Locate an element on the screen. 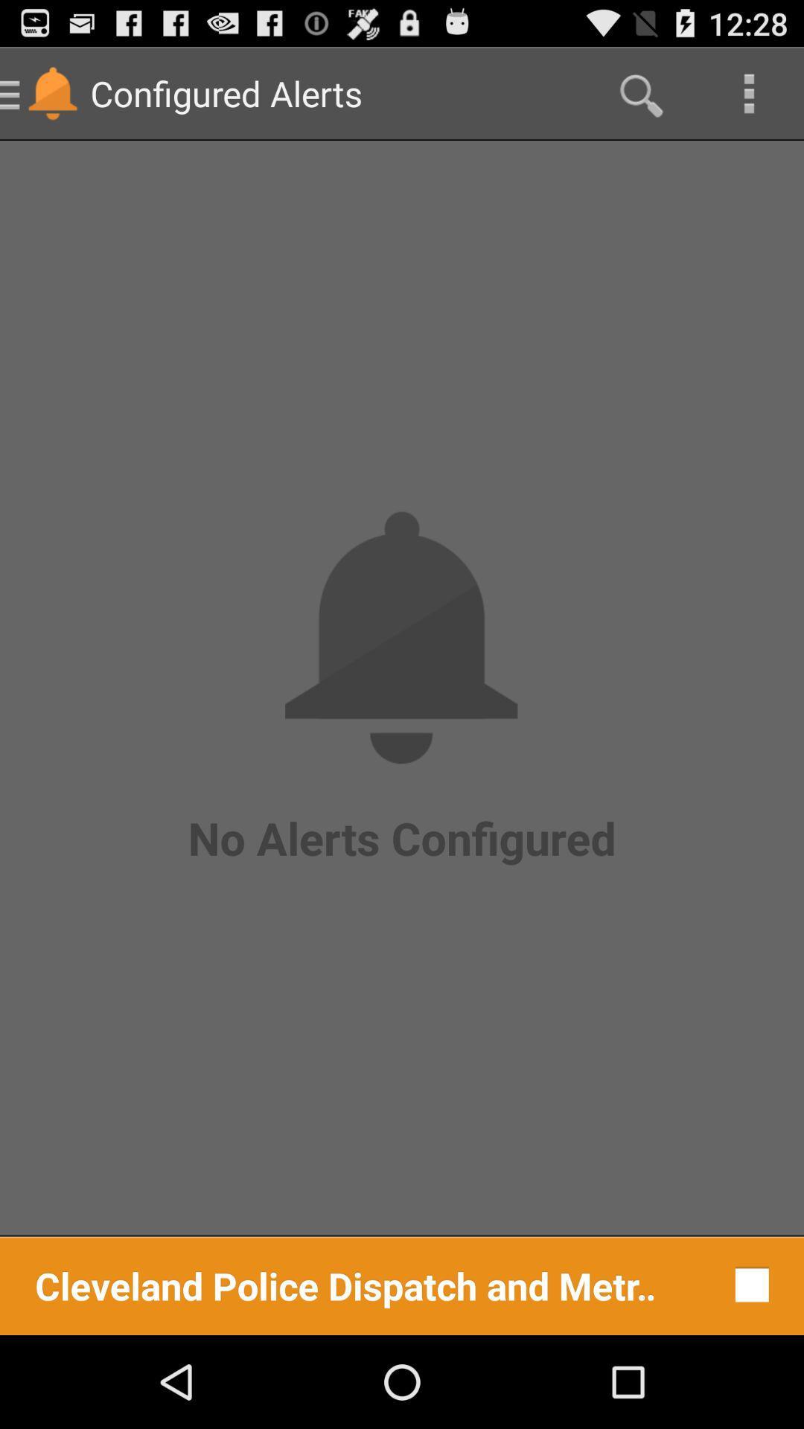 Image resolution: width=804 pixels, height=1429 pixels. the app below the no alerts configured item is located at coordinates (748, 1284).